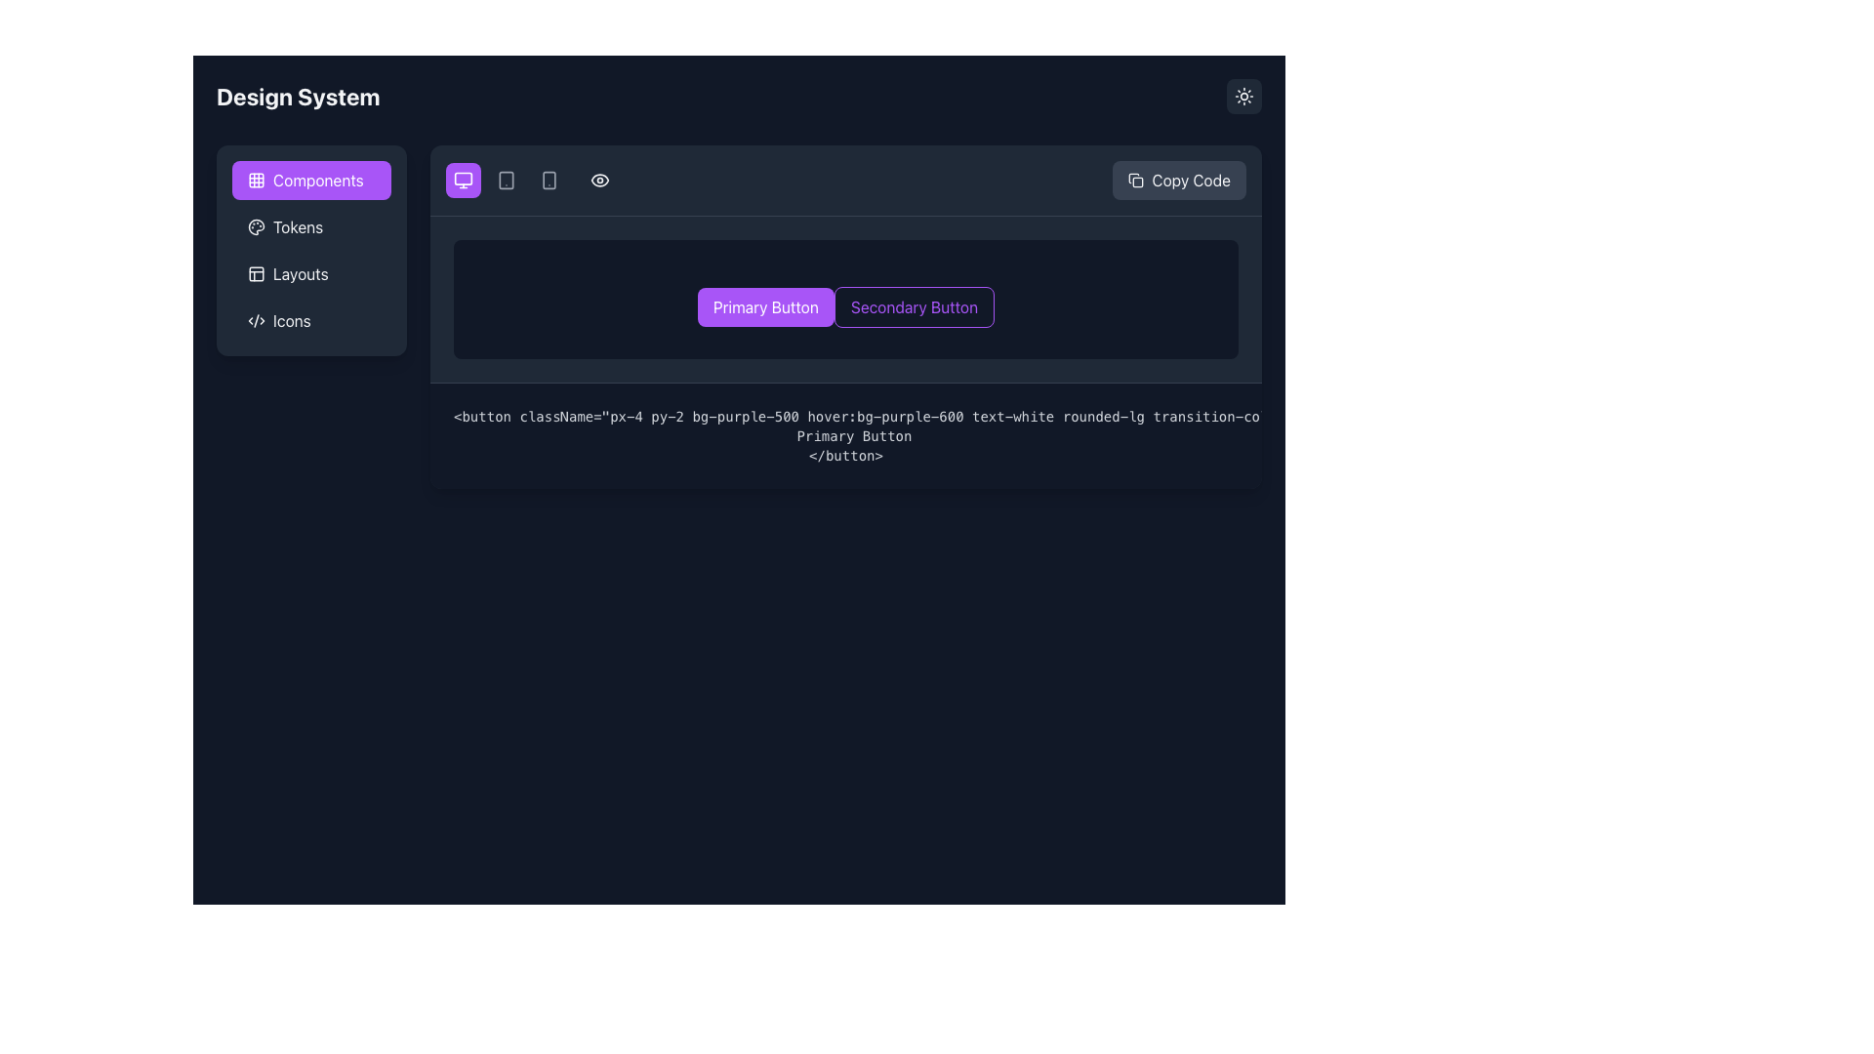 The height and width of the screenshot is (1054, 1874). What do you see at coordinates (846, 181) in the screenshot?
I see `the 'Copy Code' button, which is styled with a specific background color and rounded corners, located on the far right side of a horizontal row of icons or buttons` at bounding box center [846, 181].